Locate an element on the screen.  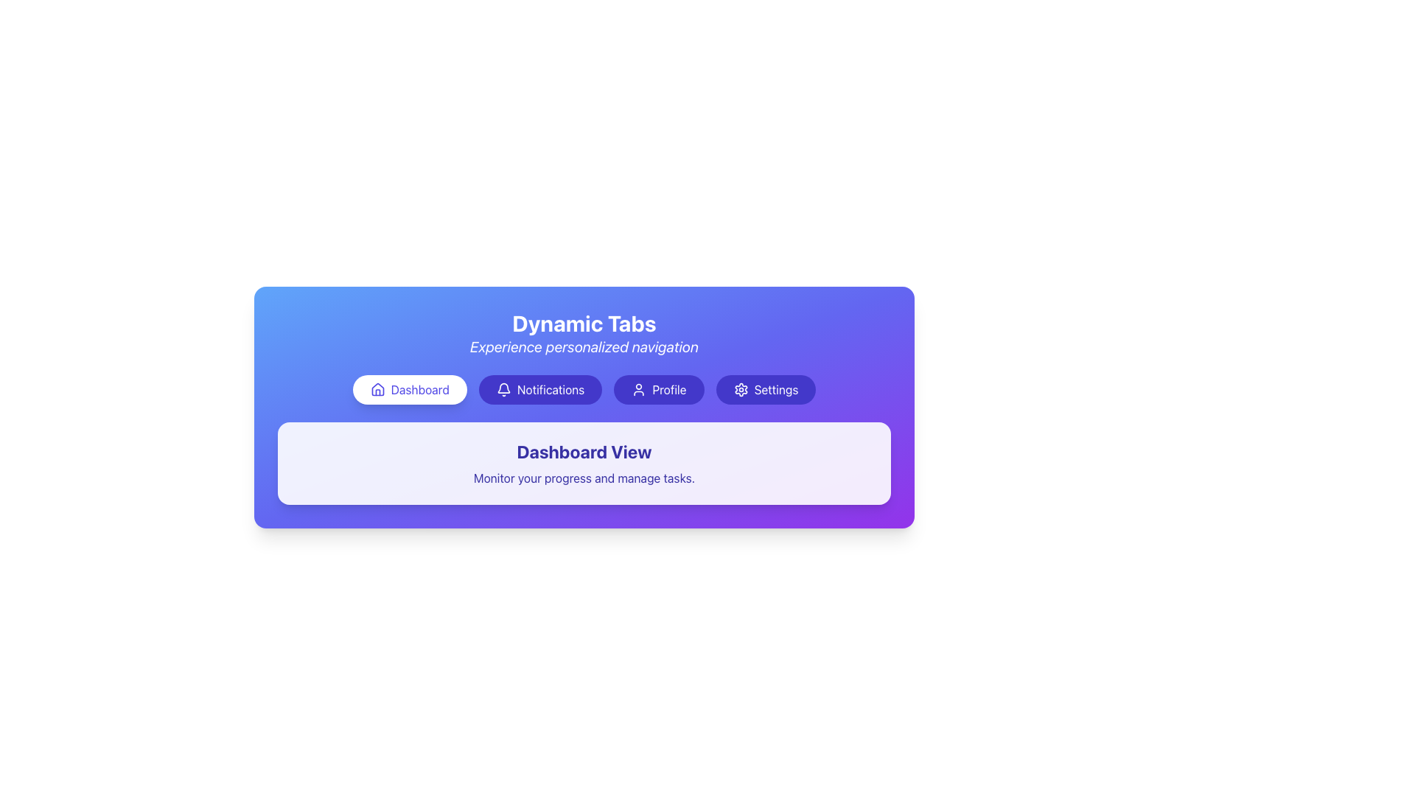
the italicized text label reading 'Experience personalized navigation' that is displayed in a large, light-colored font below the bold heading 'Dynamic Tabs' is located at coordinates (583, 346).